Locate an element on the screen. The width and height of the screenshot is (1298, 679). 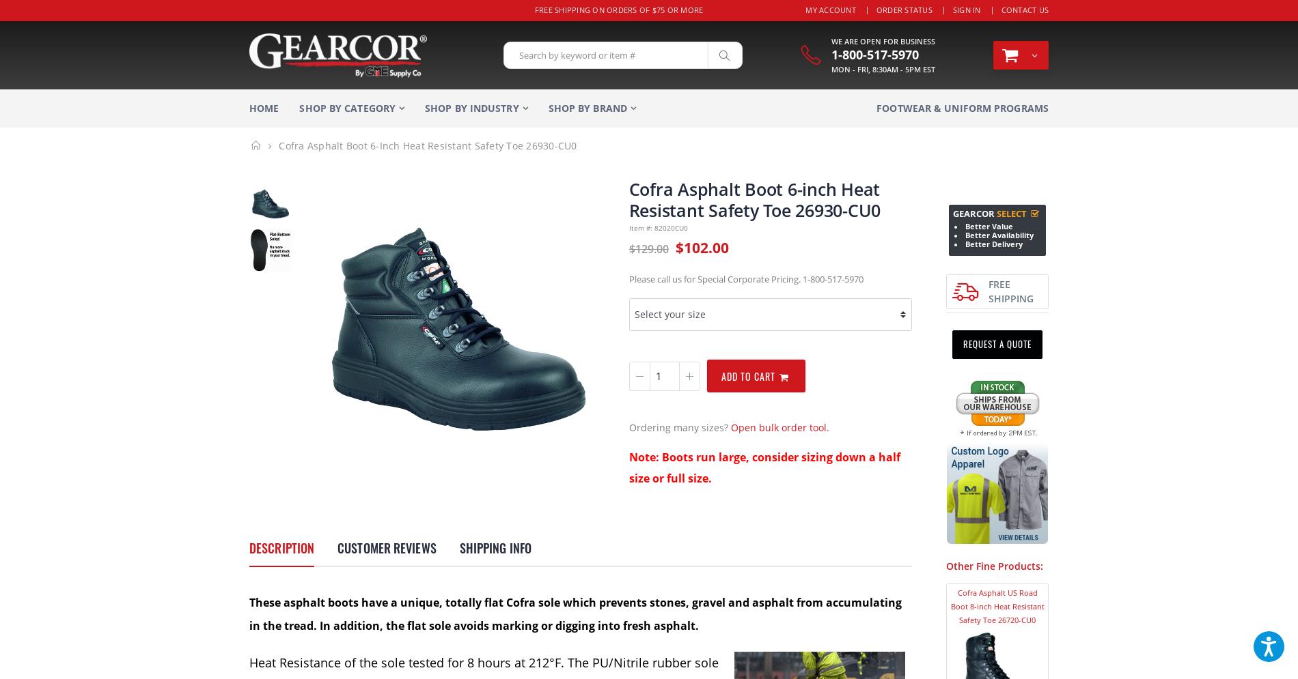
'Other Fine Products:' is located at coordinates (945, 564).